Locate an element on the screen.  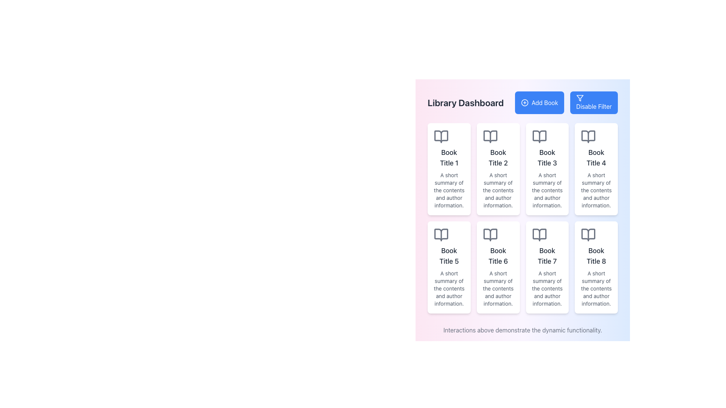
the 'Add Book' button, which is represented by an SVG circle icon filled with a color consistent with the interface's visual theme, located at the top-right of the main panel under the 'Library Dashboard' title is located at coordinates (524, 103).